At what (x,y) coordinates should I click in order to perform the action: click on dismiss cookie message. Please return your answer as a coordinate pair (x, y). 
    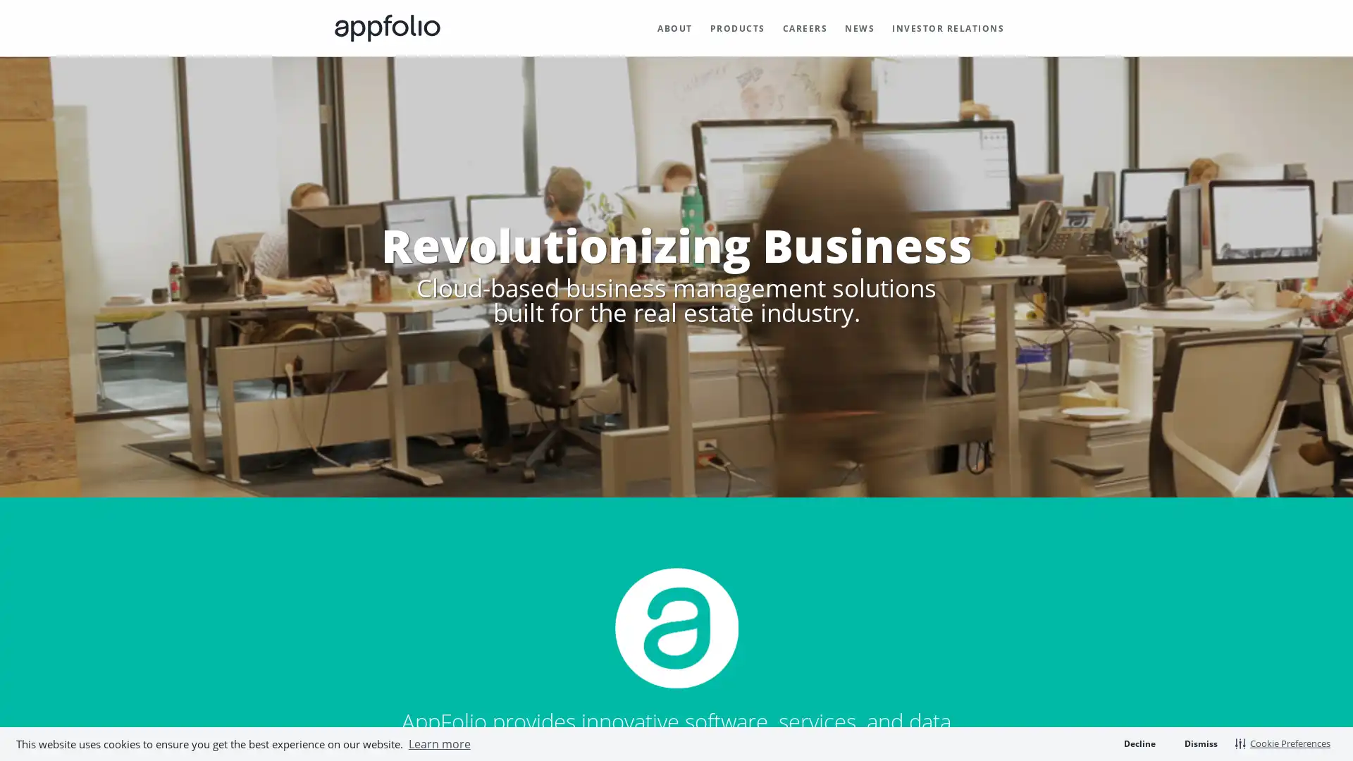
    Looking at the image, I should click on (1199, 743).